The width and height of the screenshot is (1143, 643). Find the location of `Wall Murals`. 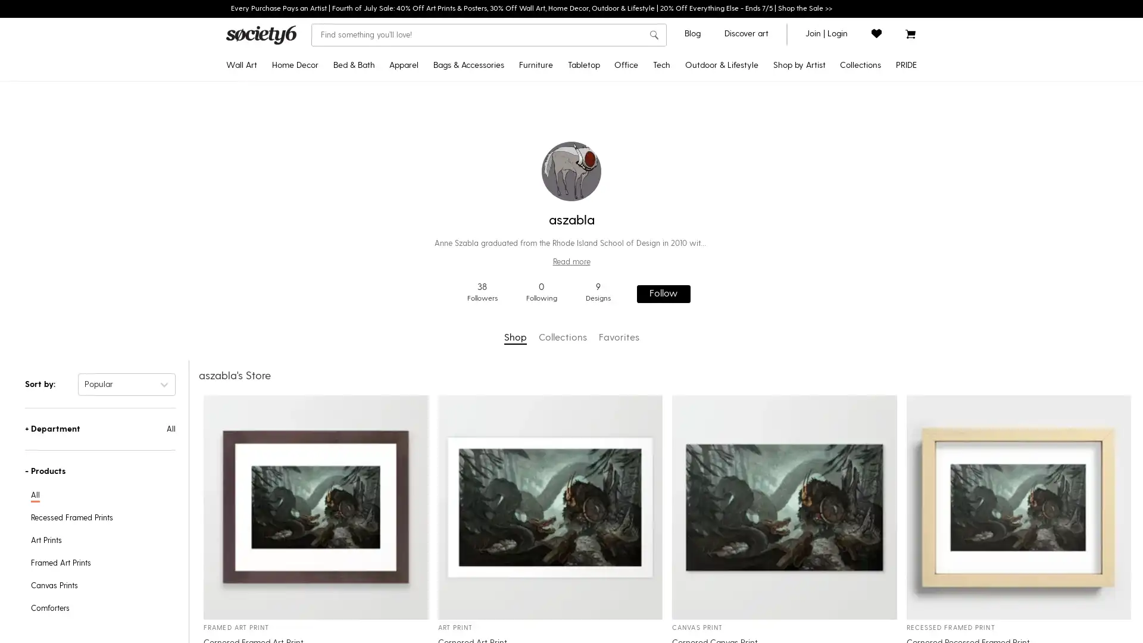

Wall Murals is located at coordinates (317, 306).